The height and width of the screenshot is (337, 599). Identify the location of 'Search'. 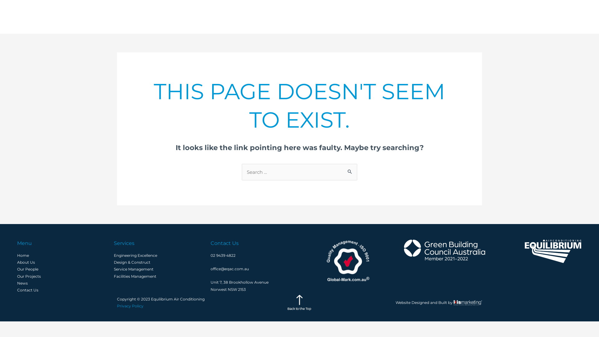
(343, 171).